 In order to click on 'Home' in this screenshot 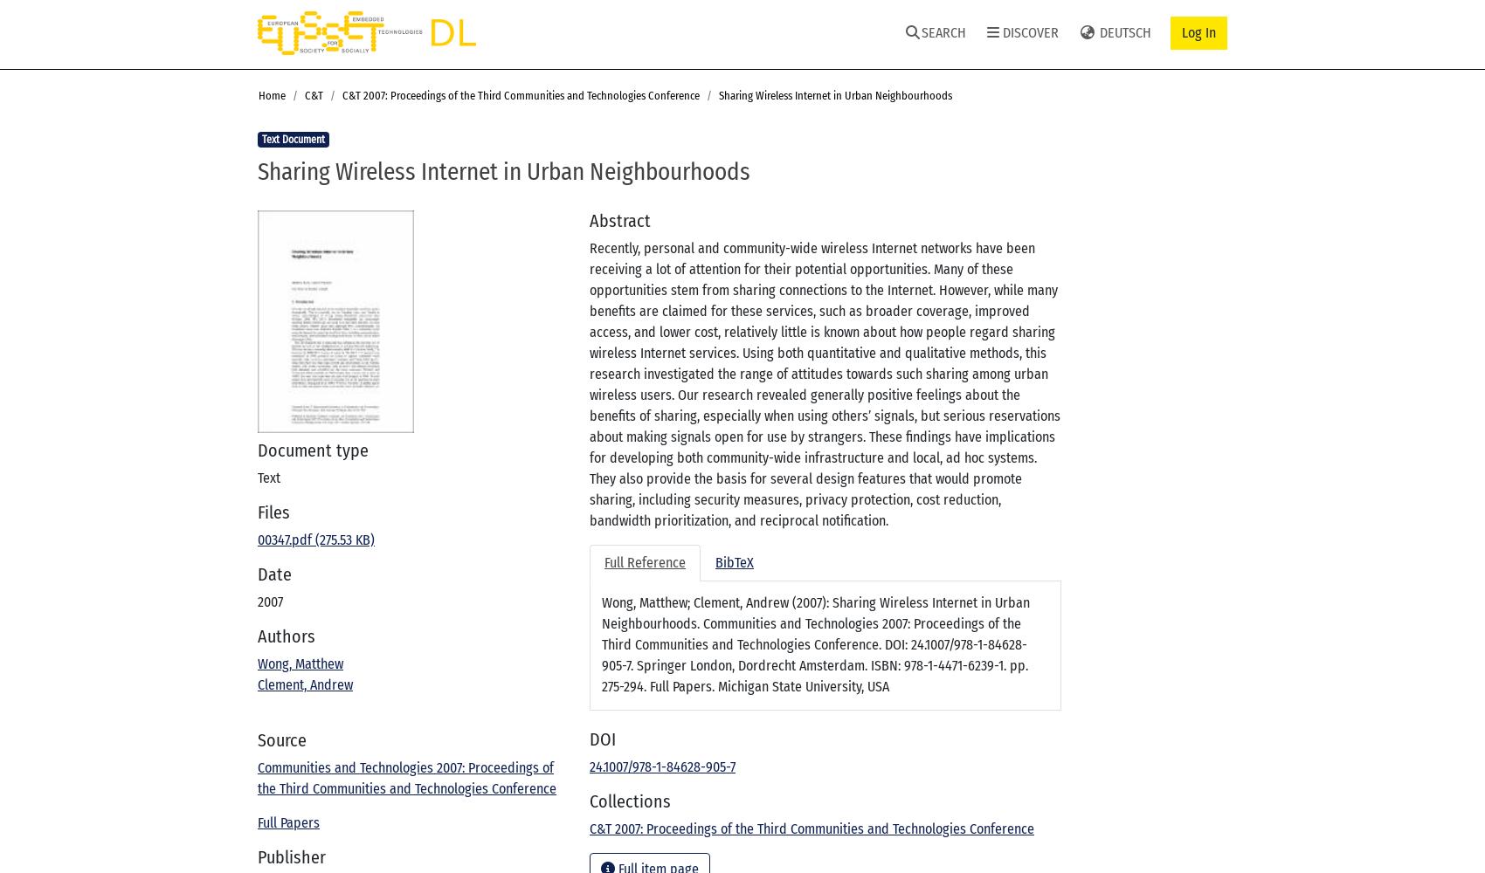, I will do `click(272, 94)`.